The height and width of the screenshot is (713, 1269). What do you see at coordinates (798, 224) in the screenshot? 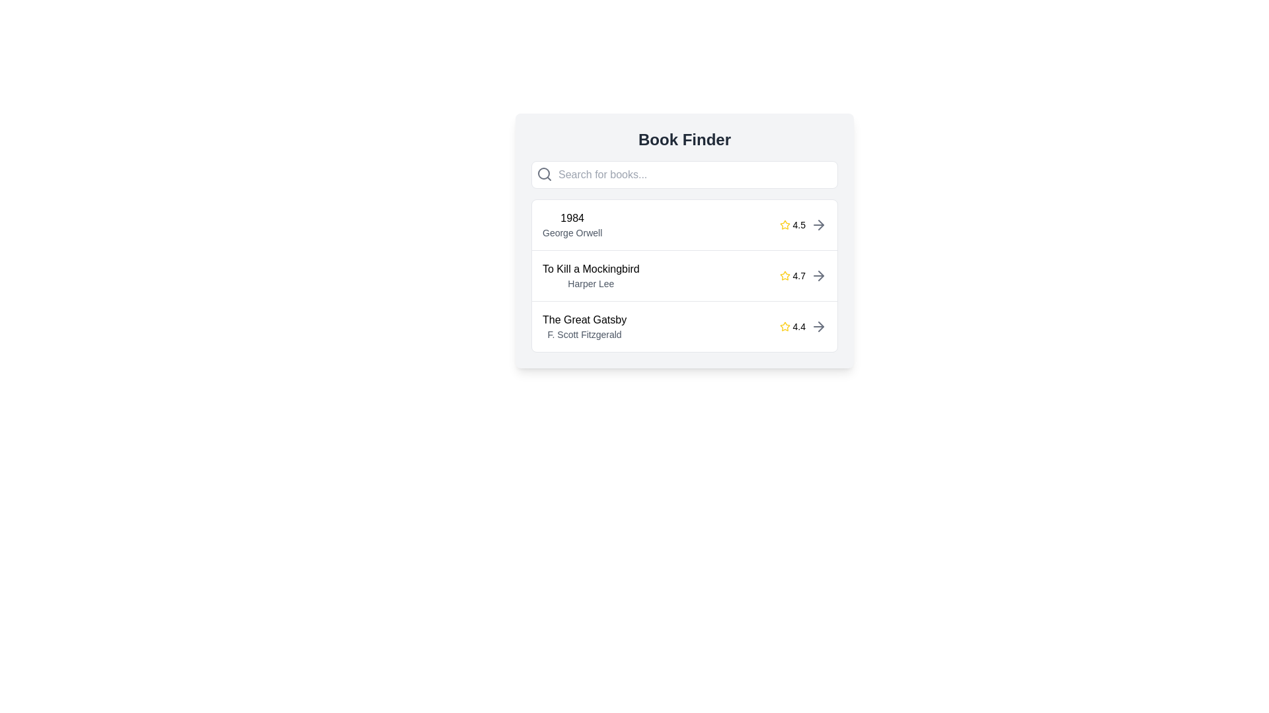
I see `the numeric text label displaying '4.5', which is located to the right of the star icon for the book '1984' by George Orwell` at bounding box center [798, 224].